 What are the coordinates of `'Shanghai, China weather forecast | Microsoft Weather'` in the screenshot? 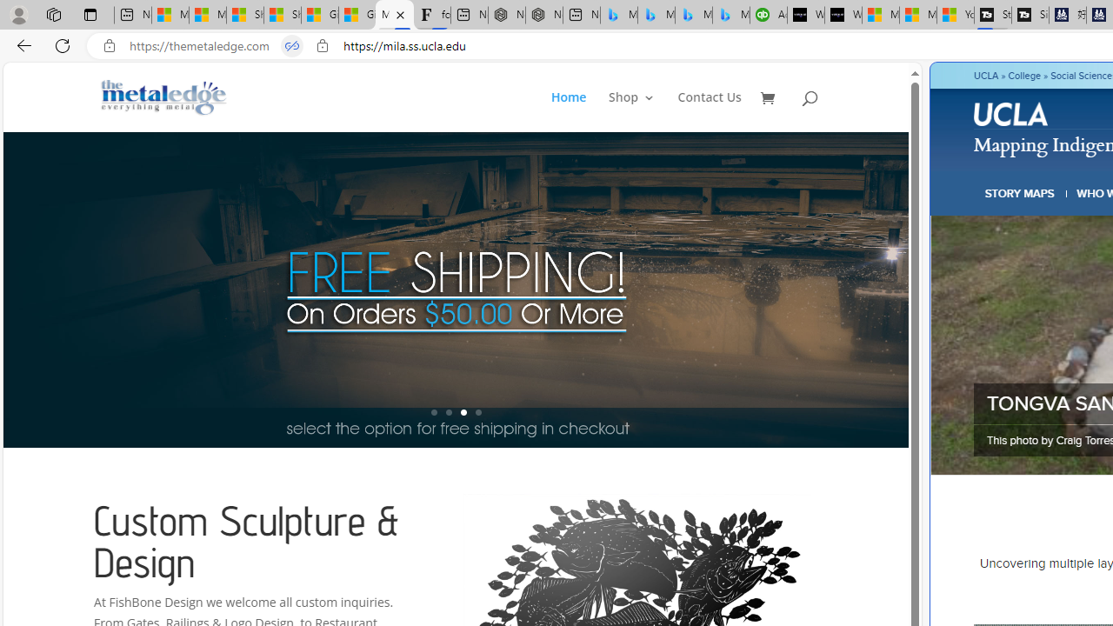 It's located at (282, 15).